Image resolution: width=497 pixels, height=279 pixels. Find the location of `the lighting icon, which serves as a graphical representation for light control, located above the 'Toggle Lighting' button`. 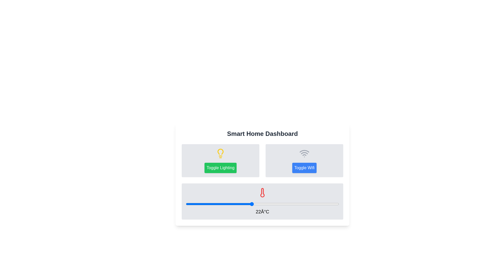

the lighting icon, which serves as a graphical representation for light control, located above the 'Toggle Lighting' button is located at coordinates (220, 153).